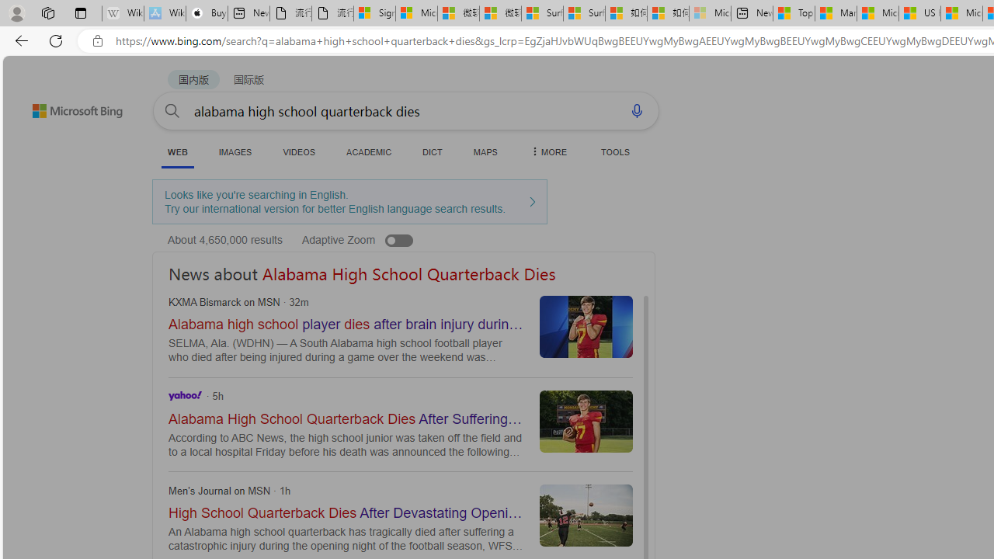 This screenshot has width=994, height=559. Describe the element at coordinates (709, 13) in the screenshot. I see `'Microsoft account | Account Checkup - Sleeping'` at that location.